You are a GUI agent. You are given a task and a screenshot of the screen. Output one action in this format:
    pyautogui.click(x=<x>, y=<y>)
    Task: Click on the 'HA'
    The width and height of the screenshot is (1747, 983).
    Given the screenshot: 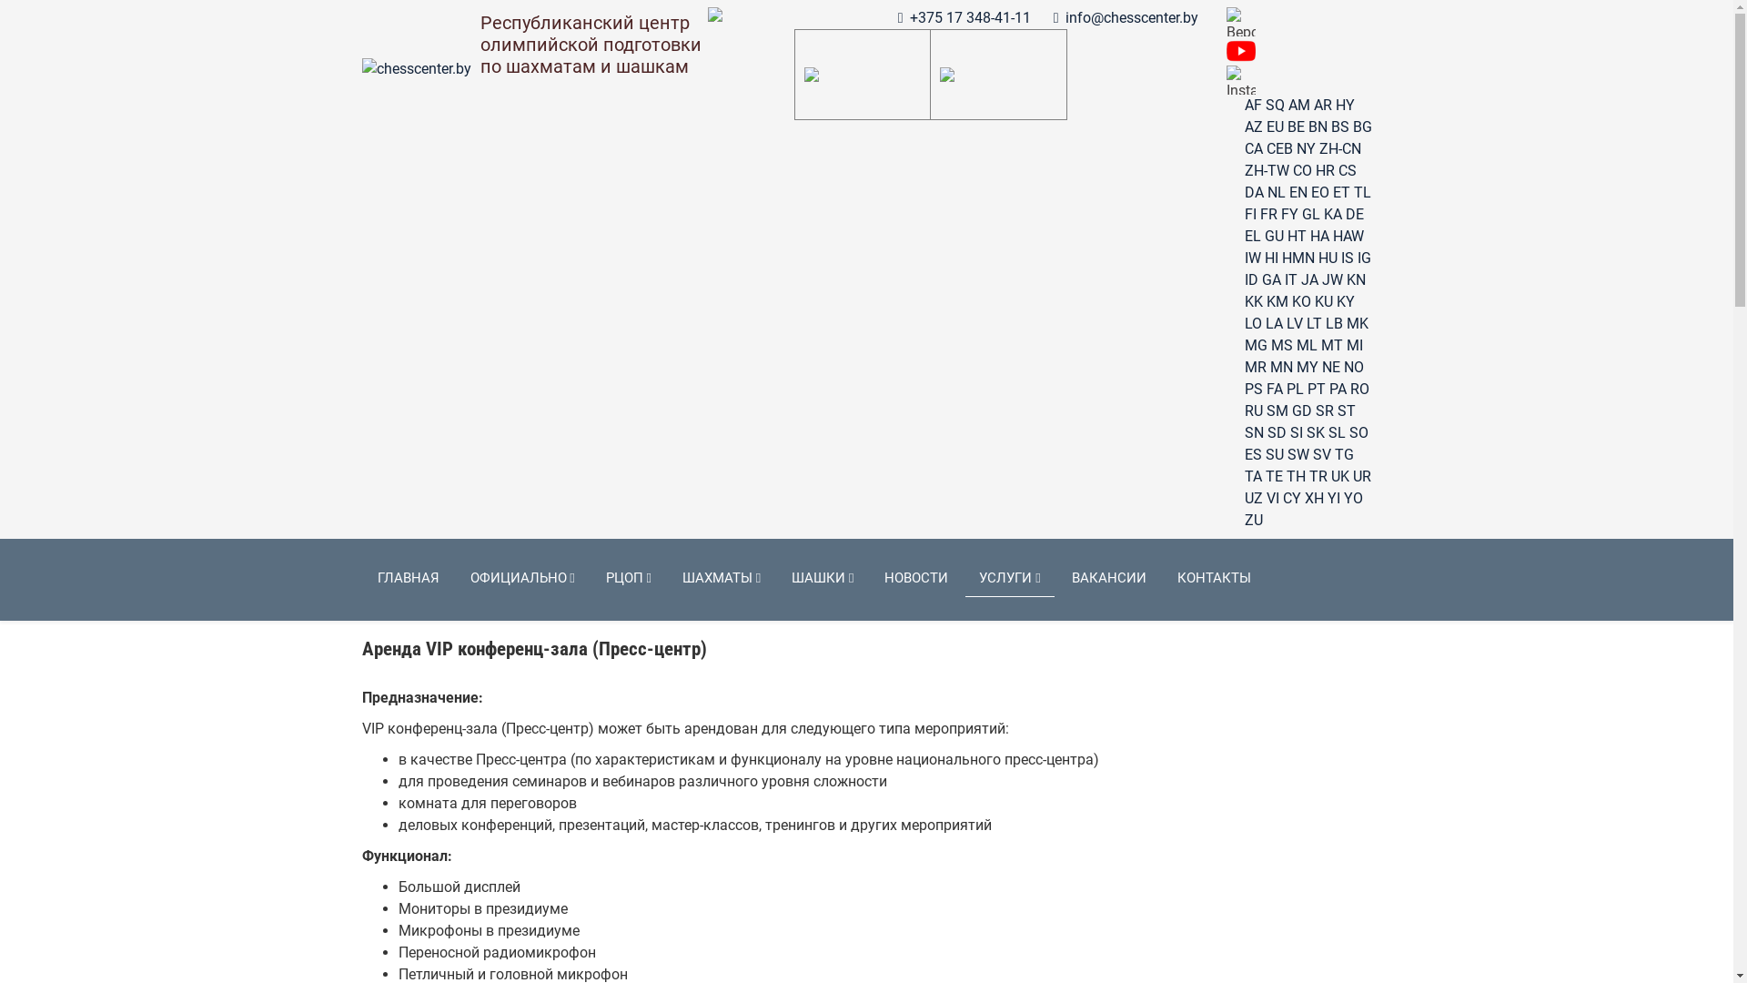 What is the action you would take?
    pyautogui.click(x=1310, y=235)
    